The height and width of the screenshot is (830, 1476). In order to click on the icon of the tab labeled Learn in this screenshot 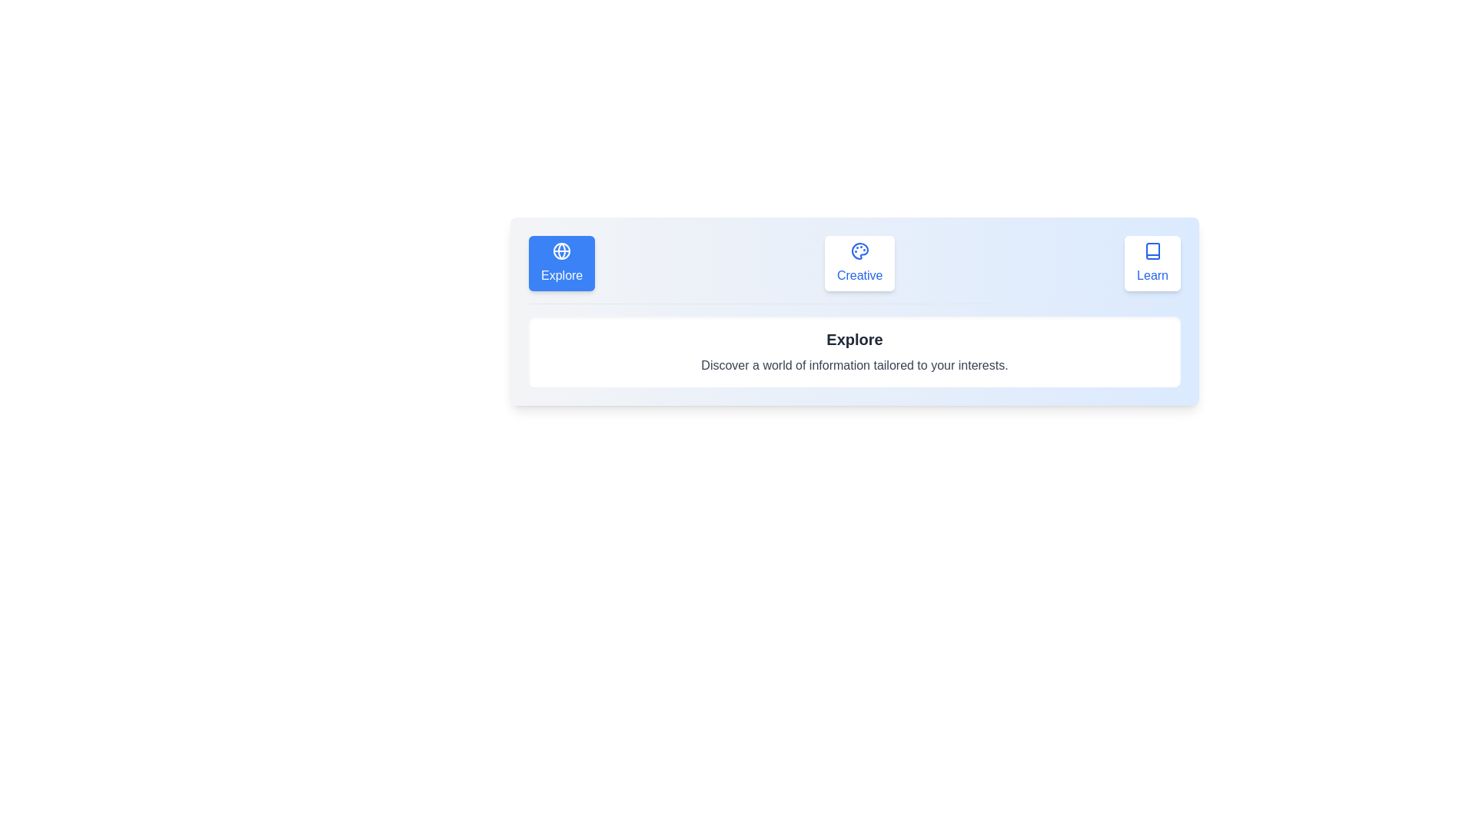, I will do `click(1152, 263)`.